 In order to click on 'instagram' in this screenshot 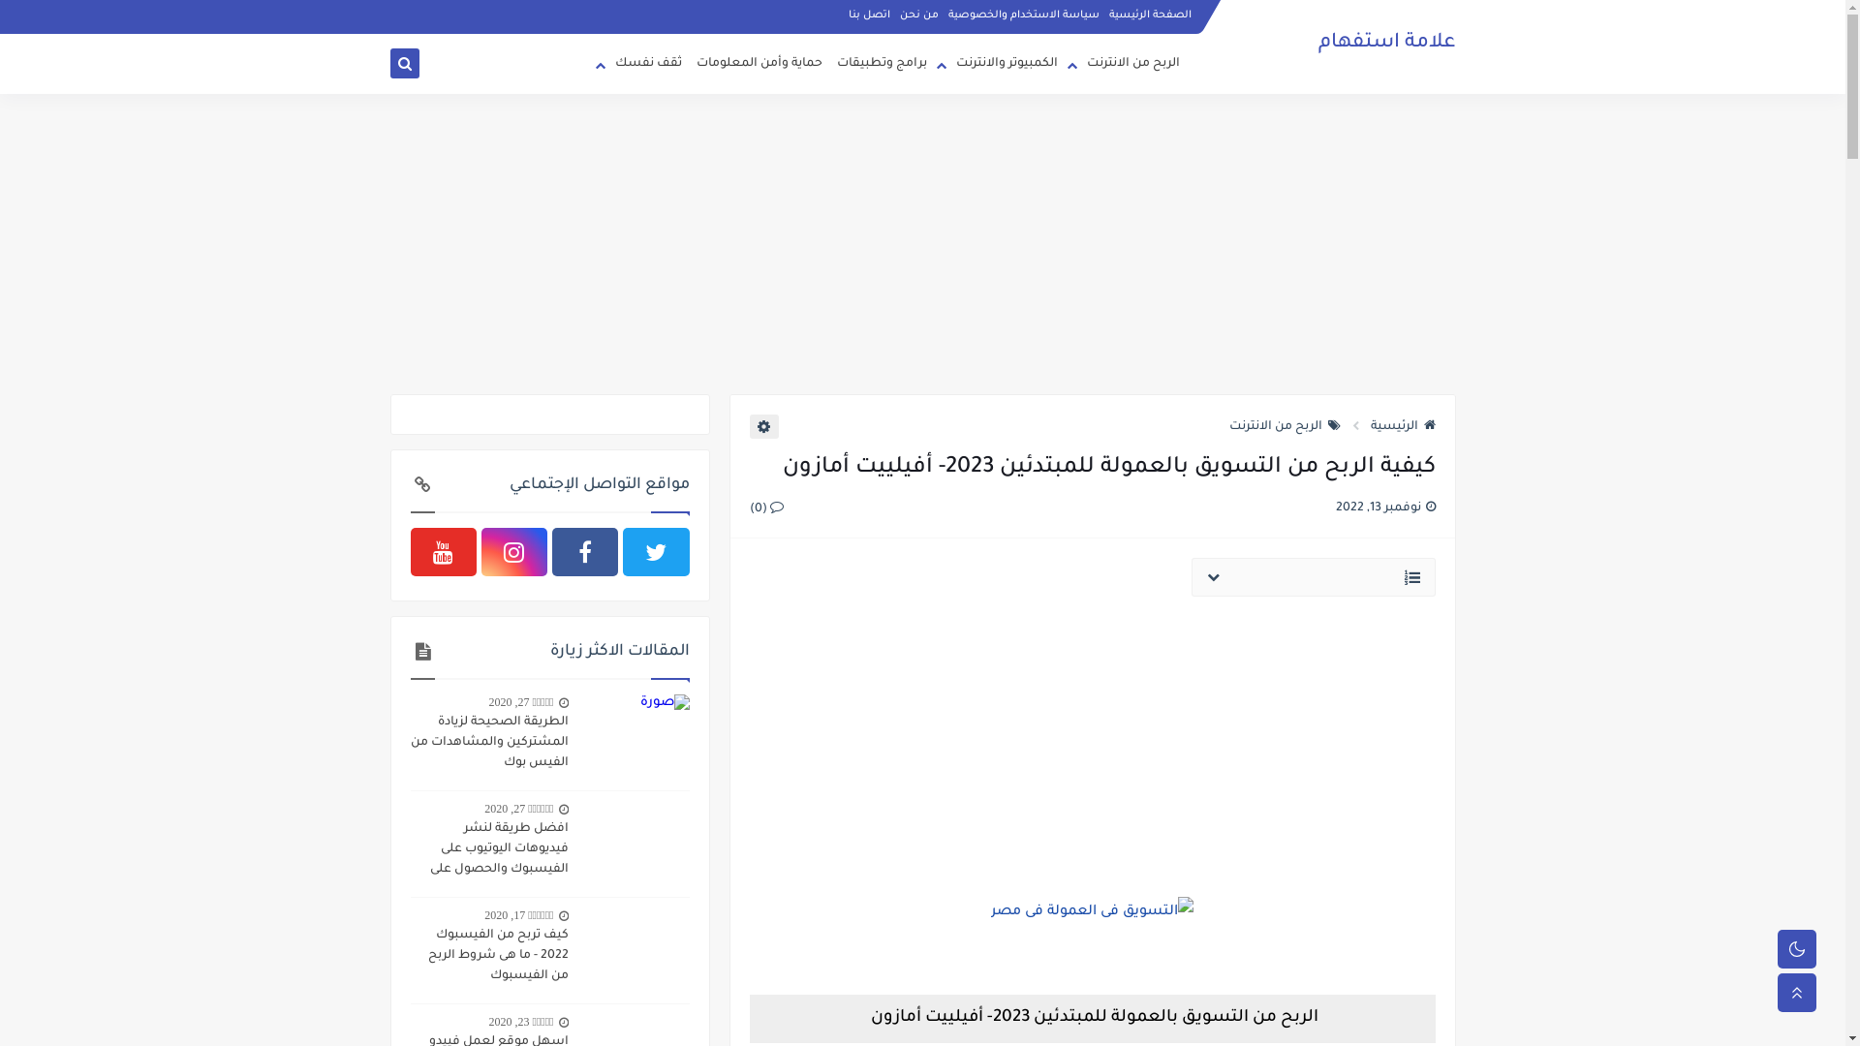, I will do `click(514, 552)`.